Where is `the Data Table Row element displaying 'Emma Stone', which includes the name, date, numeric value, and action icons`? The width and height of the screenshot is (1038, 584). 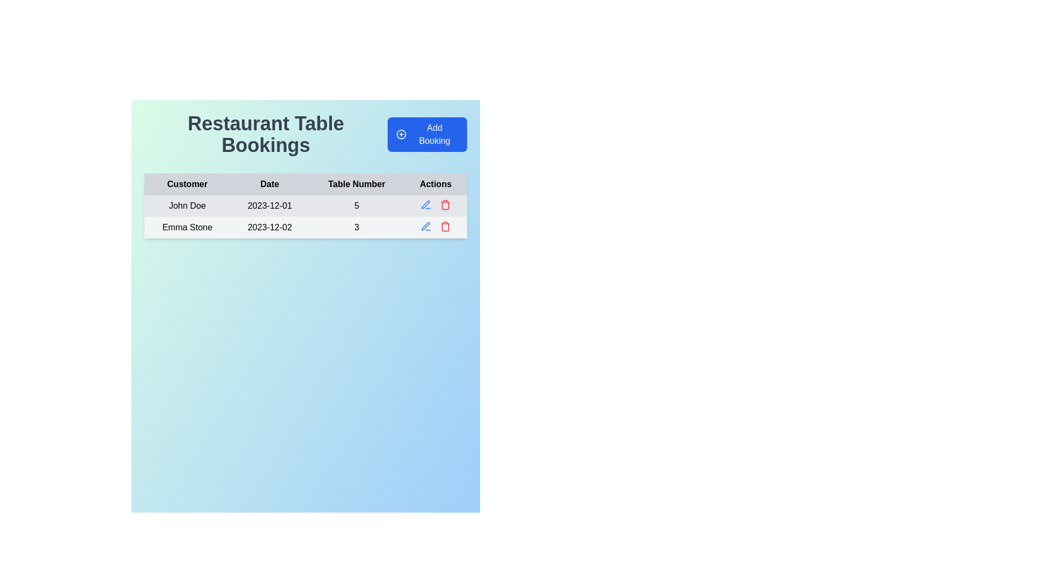
the Data Table Row element displaying 'Emma Stone', which includes the name, date, numeric value, and action icons is located at coordinates (305, 227).